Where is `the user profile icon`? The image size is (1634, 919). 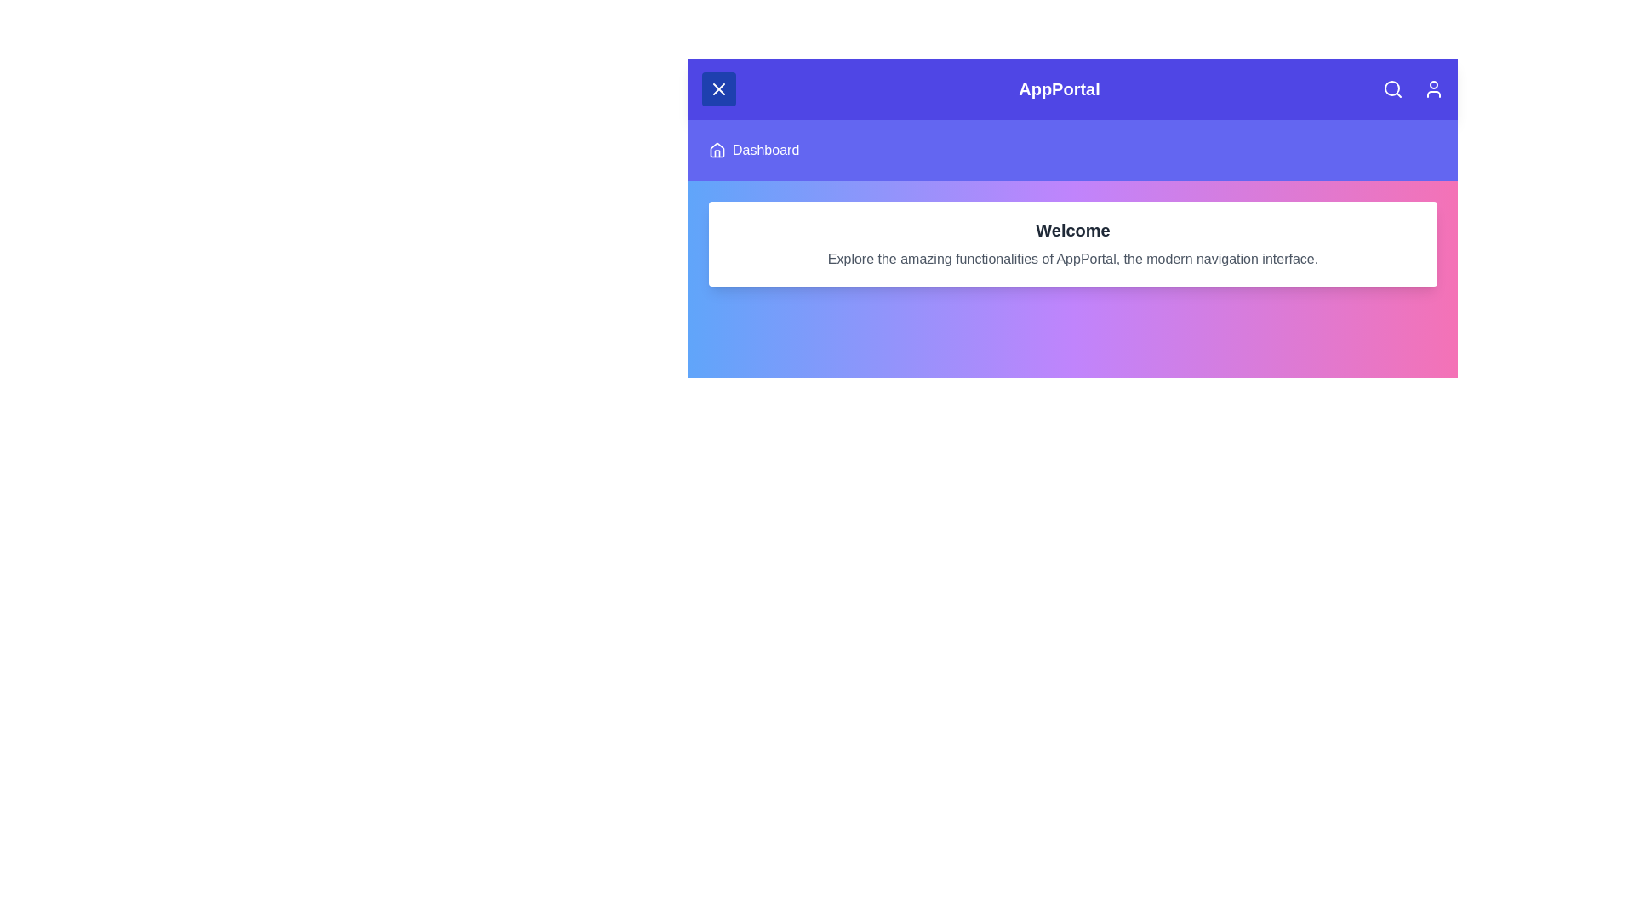 the user profile icon is located at coordinates (1432, 88).